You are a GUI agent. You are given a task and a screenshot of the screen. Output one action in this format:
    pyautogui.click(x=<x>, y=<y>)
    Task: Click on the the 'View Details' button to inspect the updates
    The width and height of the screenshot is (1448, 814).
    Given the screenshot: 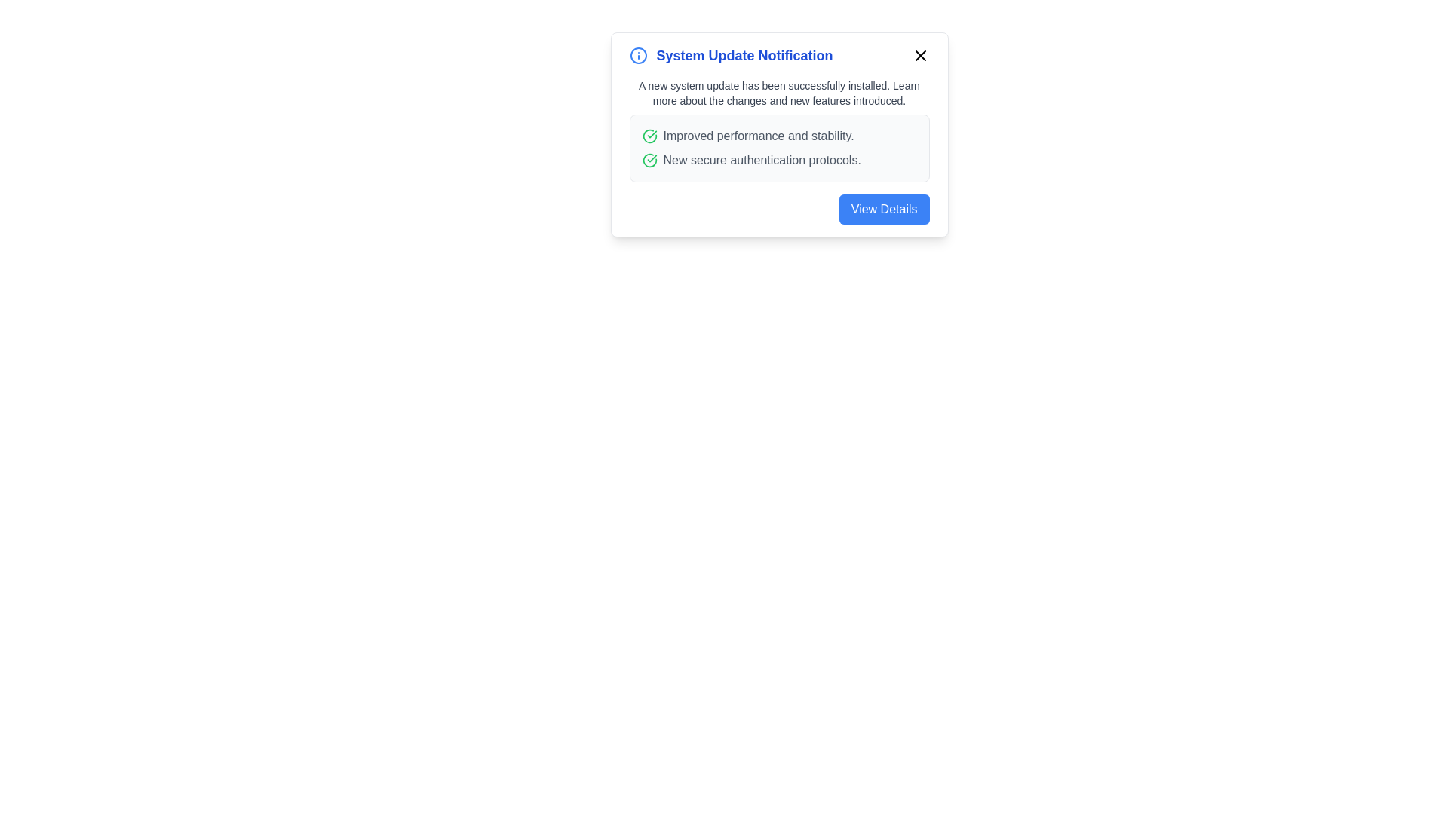 What is the action you would take?
    pyautogui.click(x=883, y=209)
    